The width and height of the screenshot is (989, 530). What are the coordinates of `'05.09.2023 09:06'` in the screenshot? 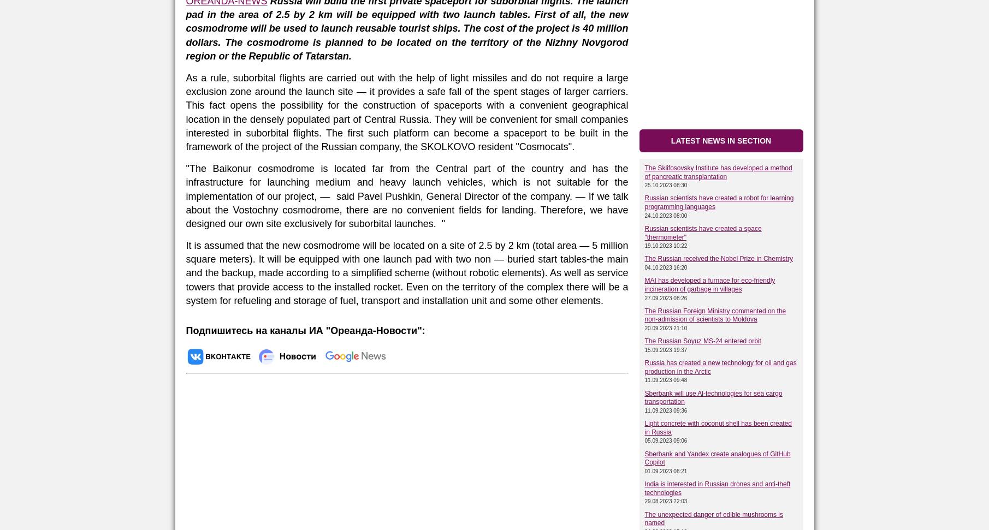 It's located at (665, 440).